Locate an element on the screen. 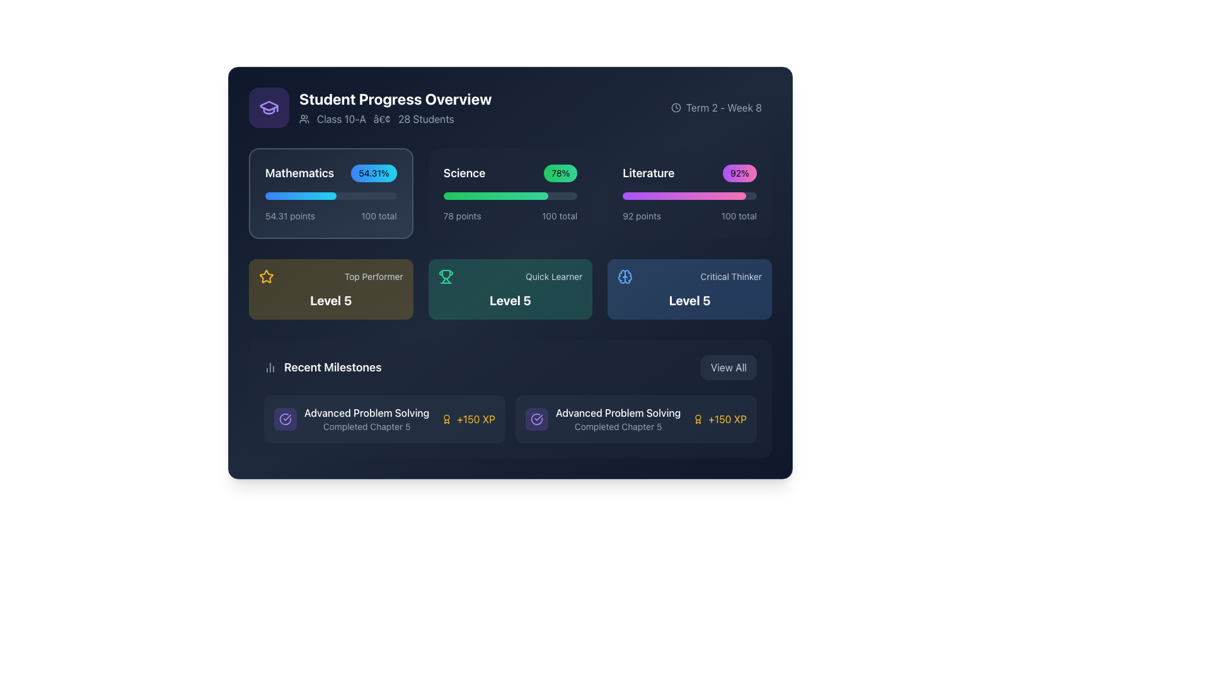 Image resolution: width=1210 pixels, height=681 pixels. the small slate-gray clock icon located on the right side of the header section, just to the left of the text 'Term 2 - Week 8' is located at coordinates (675, 107).